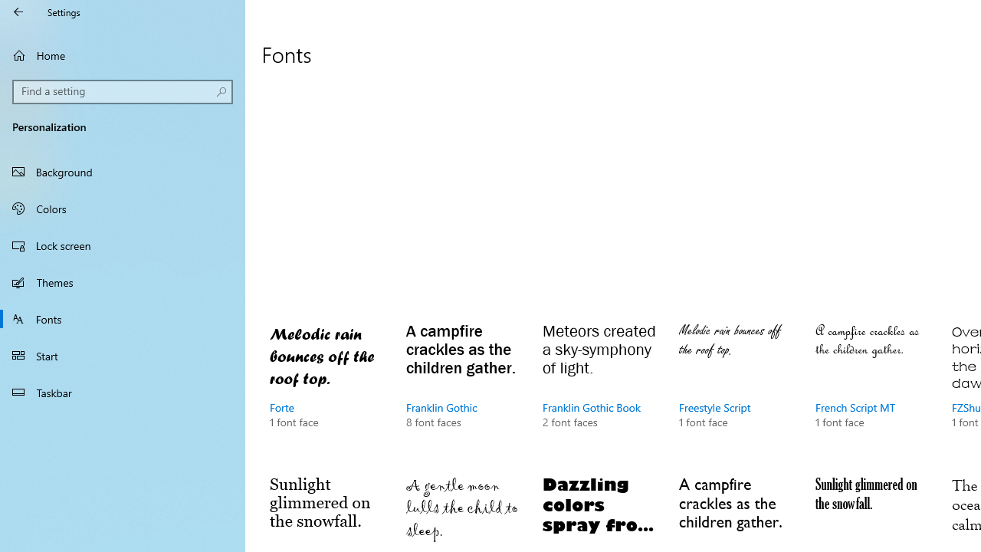  Describe the element at coordinates (123, 281) in the screenshot. I see `'Themes'` at that location.